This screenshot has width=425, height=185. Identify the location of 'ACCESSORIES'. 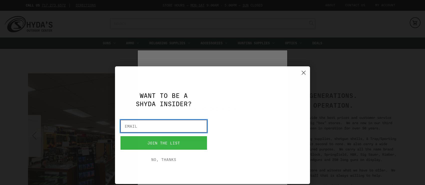
(211, 43).